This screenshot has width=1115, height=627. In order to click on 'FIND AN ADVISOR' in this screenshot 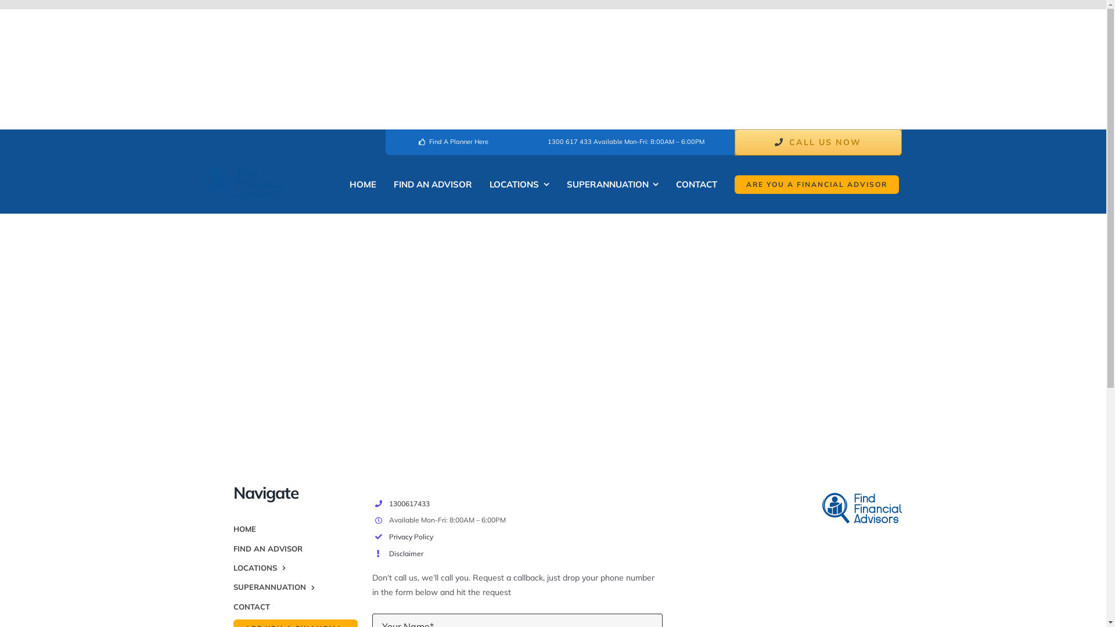, I will do `click(432, 183)`.